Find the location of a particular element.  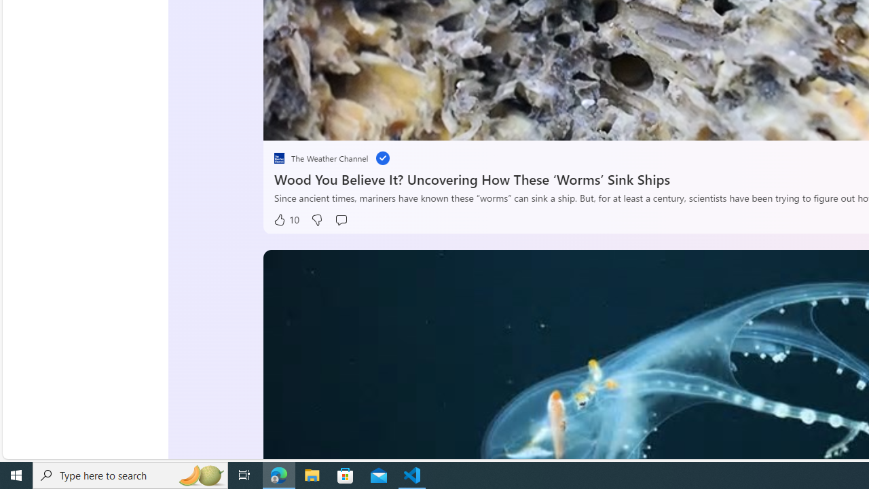

'Type here to search' is located at coordinates (130, 474).